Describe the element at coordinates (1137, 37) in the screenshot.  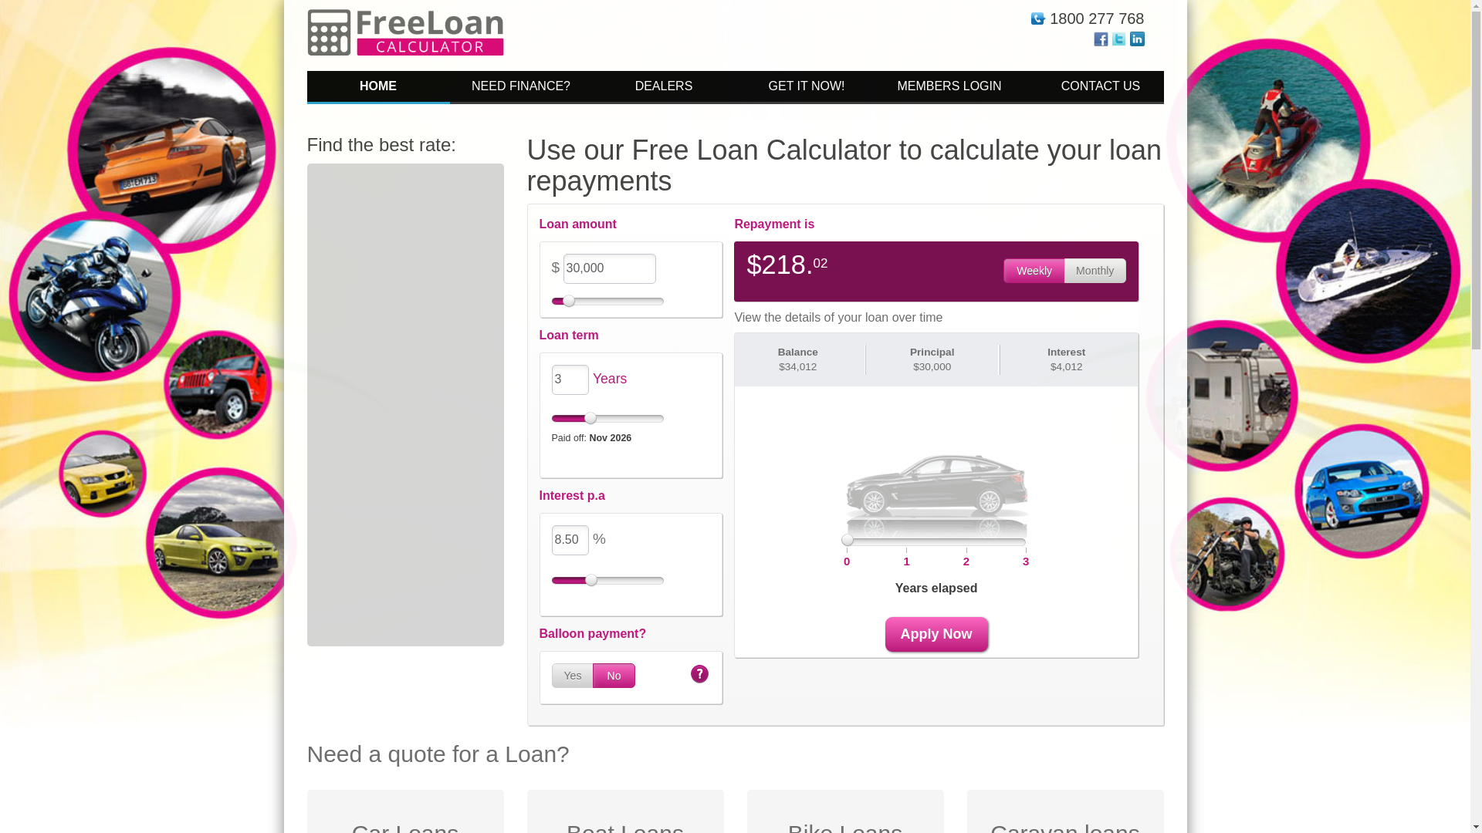
I see `'LinkedIn'` at that location.